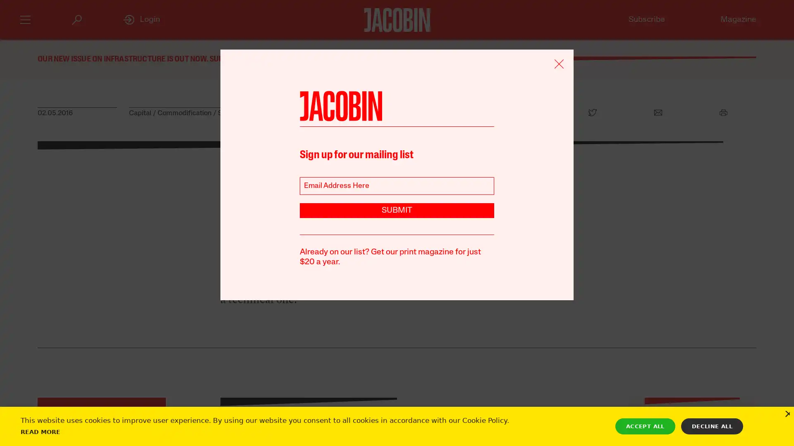  Describe the element at coordinates (77, 19) in the screenshot. I see `Search Icon` at that location.